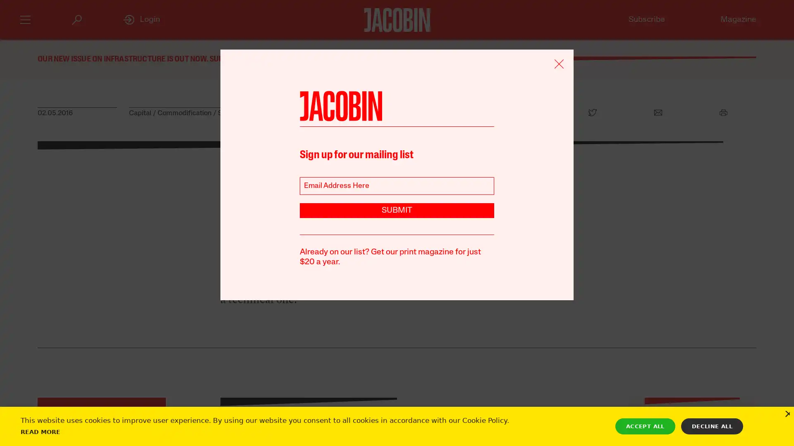  Describe the element at coordinates (77, 19) in the screenshot. I see `Search Icon` at that location.